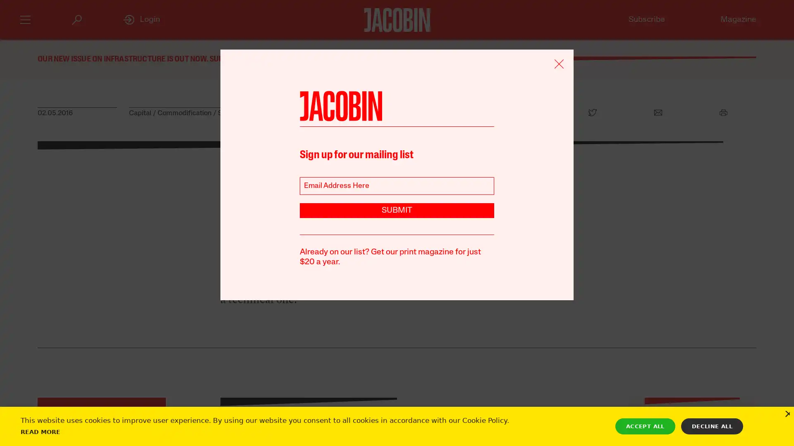  Describe the element at coordinates (77, 19) in the screenshot. I see `Search Icon` at that location.